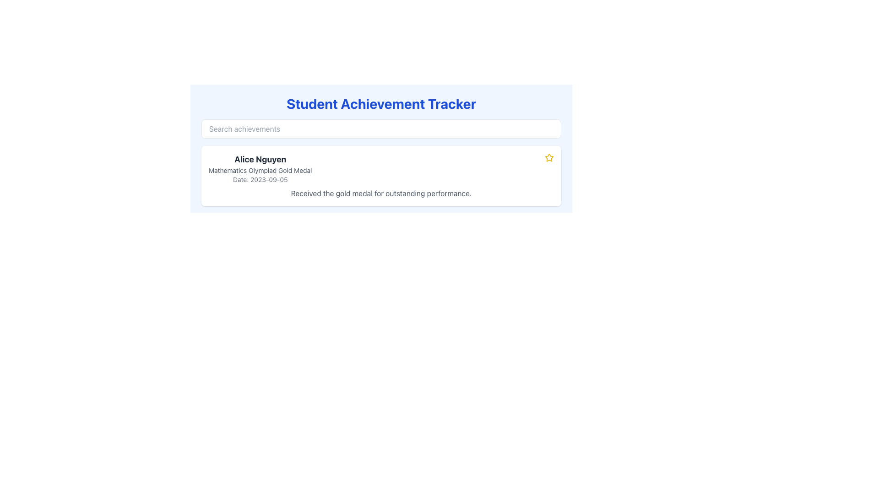 Image resolution: width=879 pixels, height=494 pixels. I want to click on the date label displaying the achievement for the Mathematics Olympiad Gold Medal, which is located below the medal text and above additional descriptive text in the card layout, so click(260, 180).